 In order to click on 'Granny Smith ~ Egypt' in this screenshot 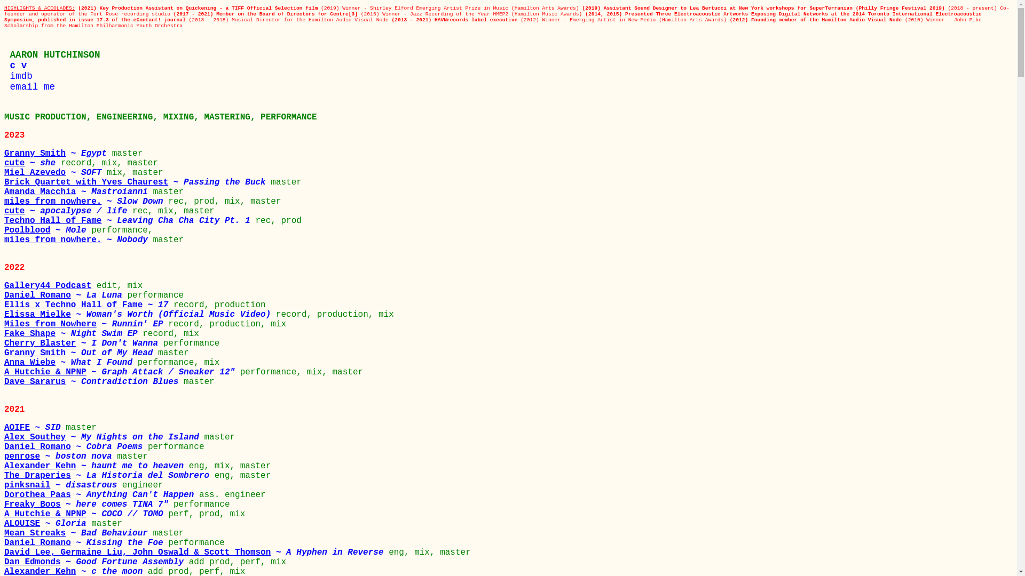, I will do `click(4, 154)`.